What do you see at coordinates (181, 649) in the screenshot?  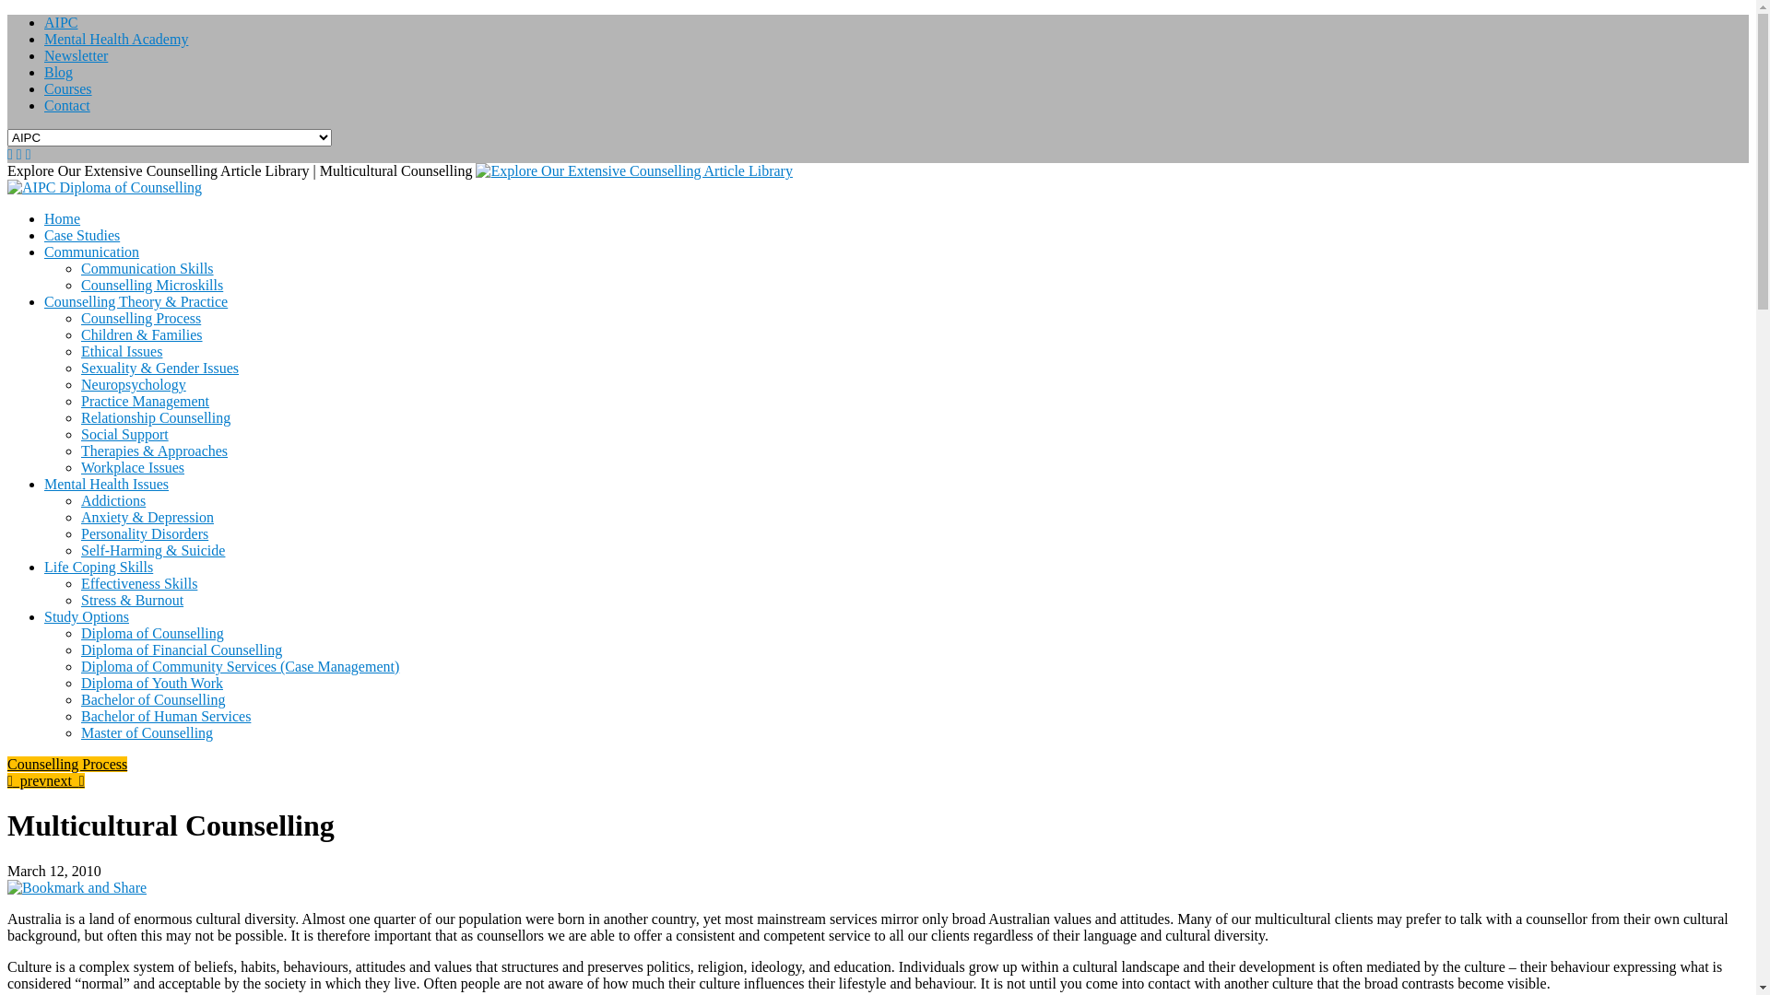 I see `'Diploma of Financial Counselling'` at bounding box center [181, 649].